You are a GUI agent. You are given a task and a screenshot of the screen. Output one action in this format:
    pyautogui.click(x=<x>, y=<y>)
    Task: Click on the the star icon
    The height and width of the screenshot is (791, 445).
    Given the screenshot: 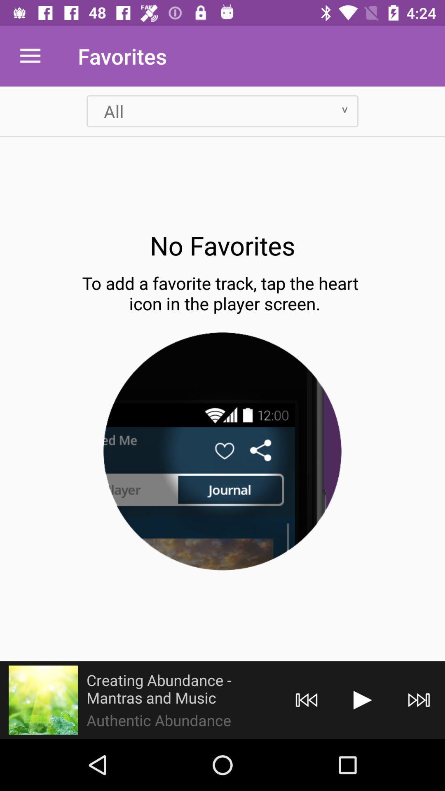 What is the action you would take?
    pyautogui.click(x=43, y=700)
    